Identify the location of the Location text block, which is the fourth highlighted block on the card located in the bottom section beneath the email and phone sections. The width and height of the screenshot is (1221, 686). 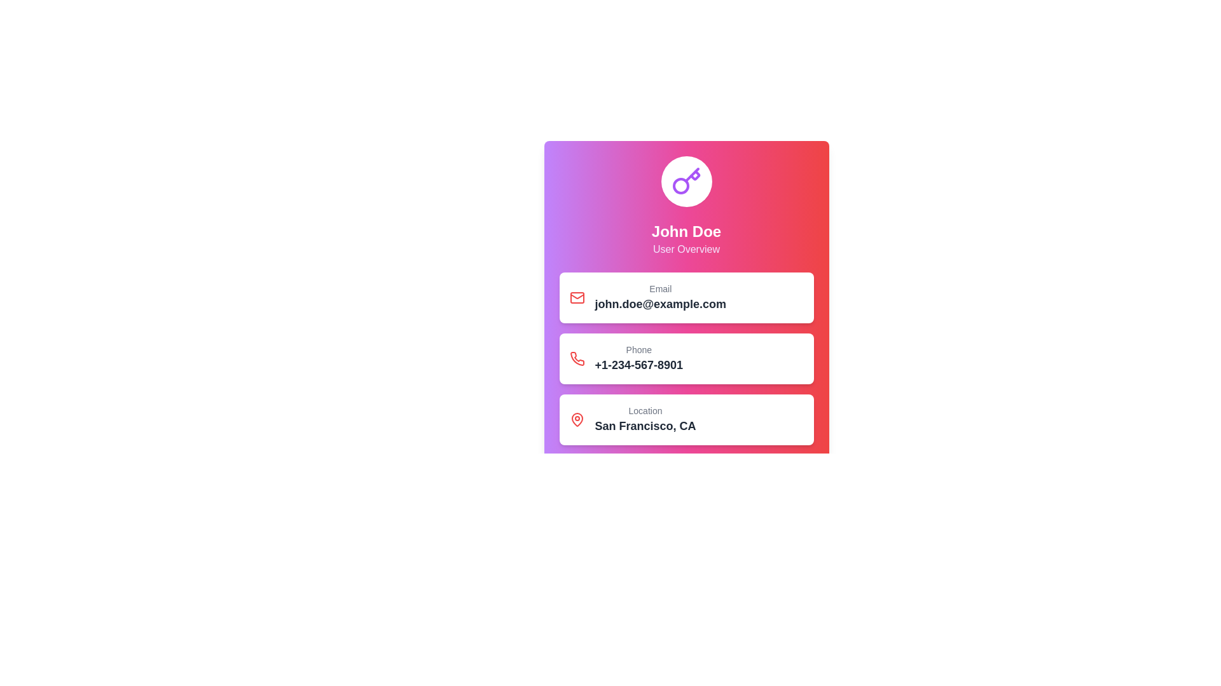
(645, 419).